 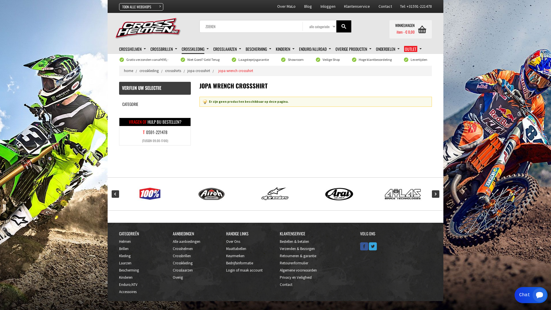 I want to click on 'Enduro/ATV', so click(x=119, y=284).